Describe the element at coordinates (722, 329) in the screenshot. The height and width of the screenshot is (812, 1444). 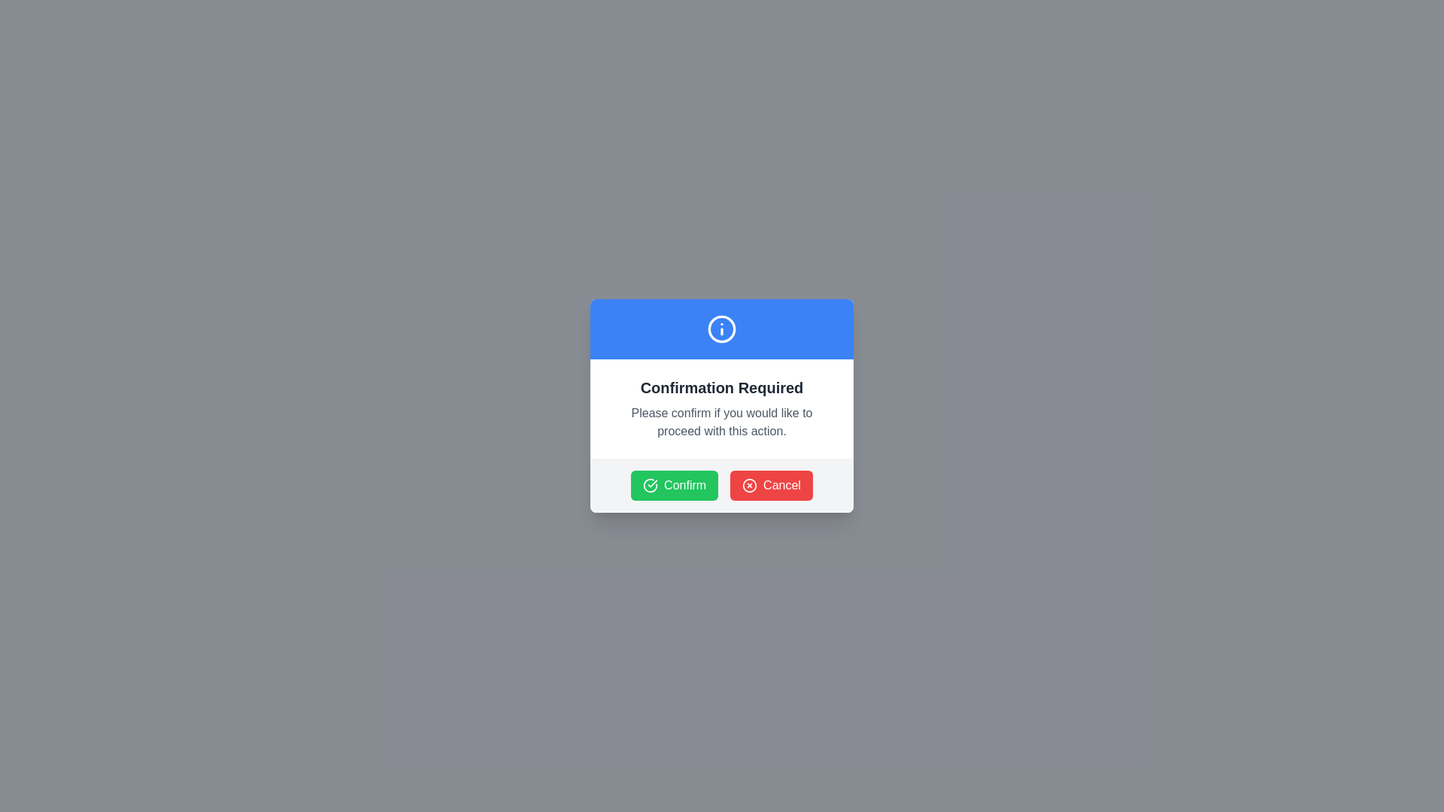
I see `the Header panel of the modal dialog that contains an informational icon, which is located at the topmost section above the 'Confirmation Required' heading` at that location.